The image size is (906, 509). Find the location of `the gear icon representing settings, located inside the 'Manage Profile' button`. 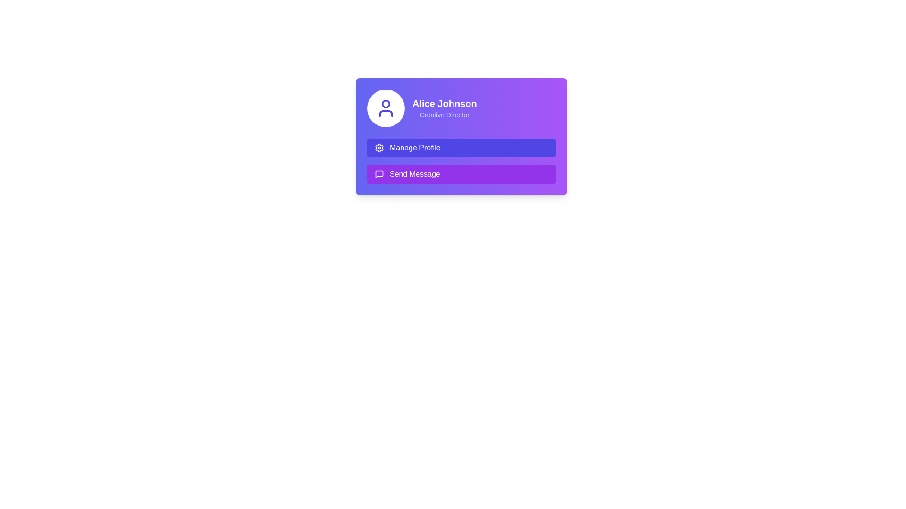

the gear icon representing settings, located inside the 'Manage Profile' button is located at coordinates (379, 148).